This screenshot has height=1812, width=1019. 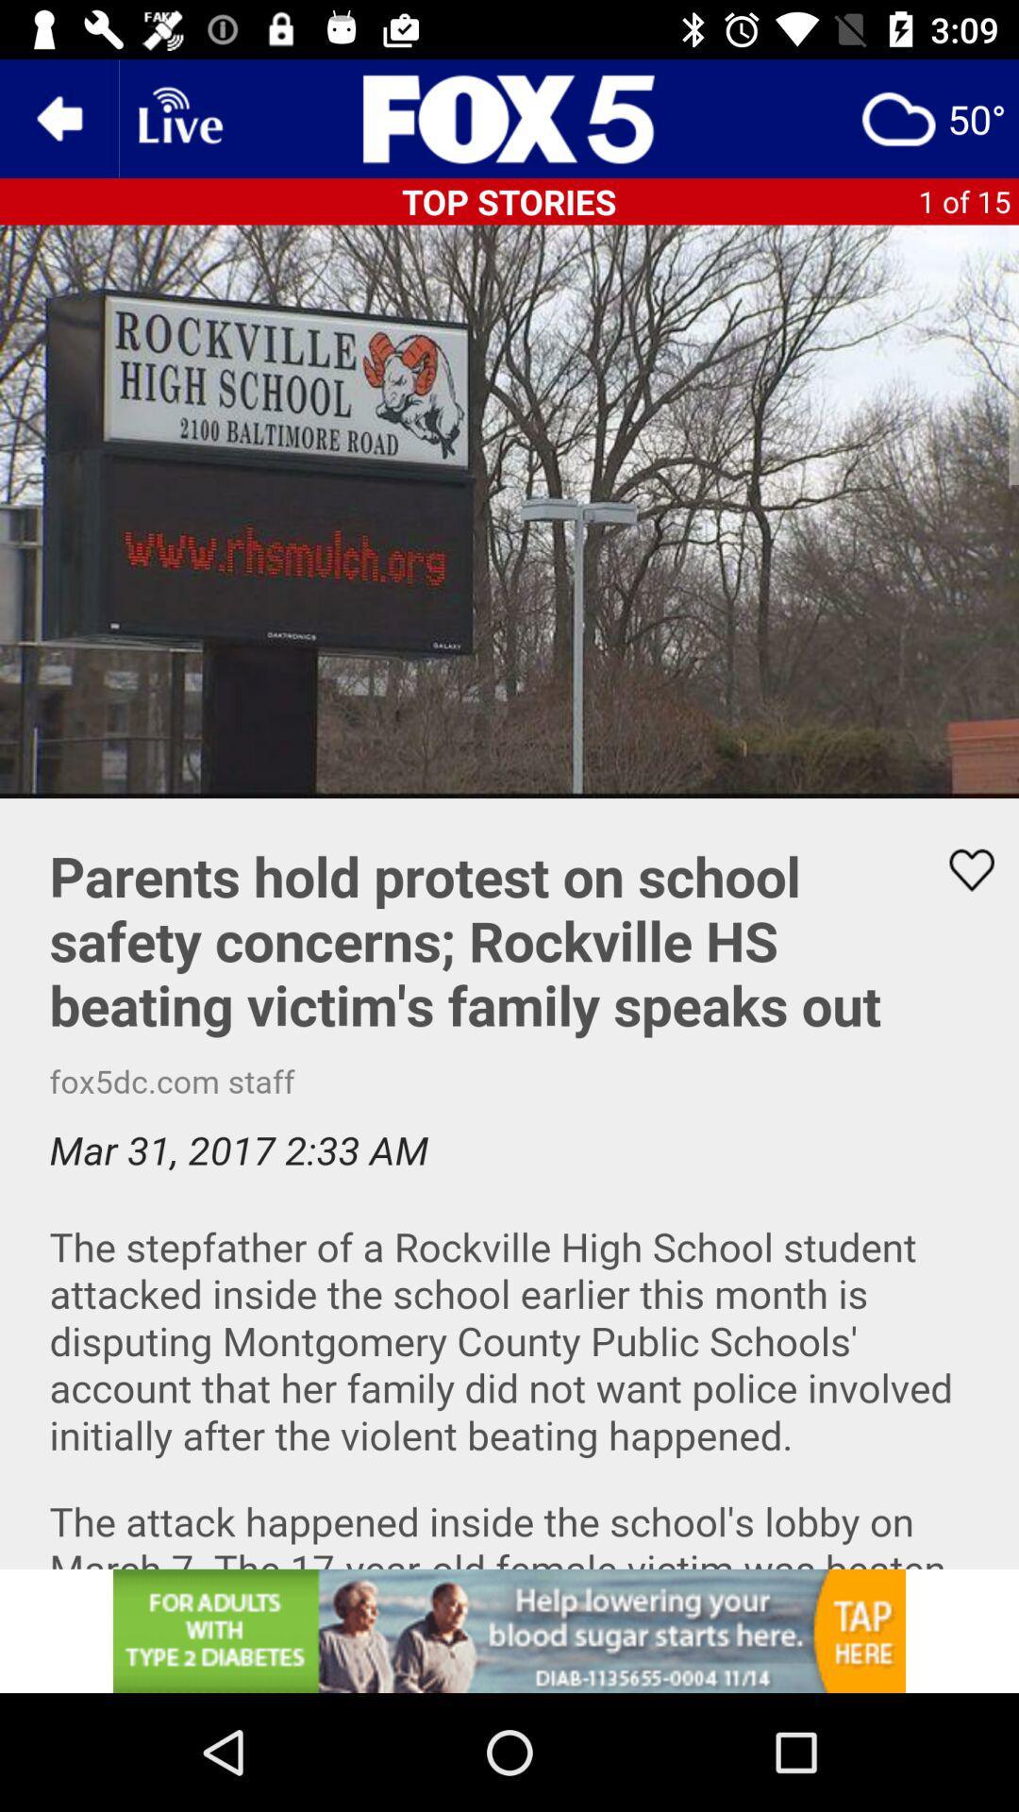 What do you see at coordinates (509, 1183) in the screenshot?
I see `like this article` at bounding box center [509, 1183].